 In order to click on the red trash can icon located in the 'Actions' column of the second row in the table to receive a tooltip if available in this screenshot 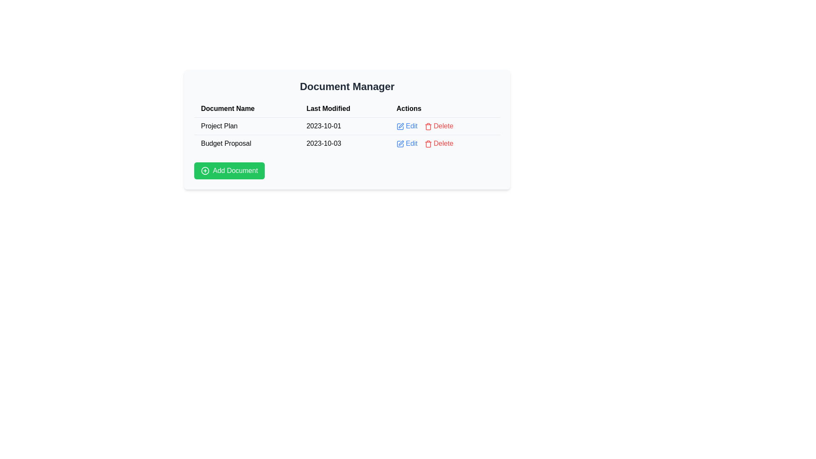, I will do `click(428, 143)`.